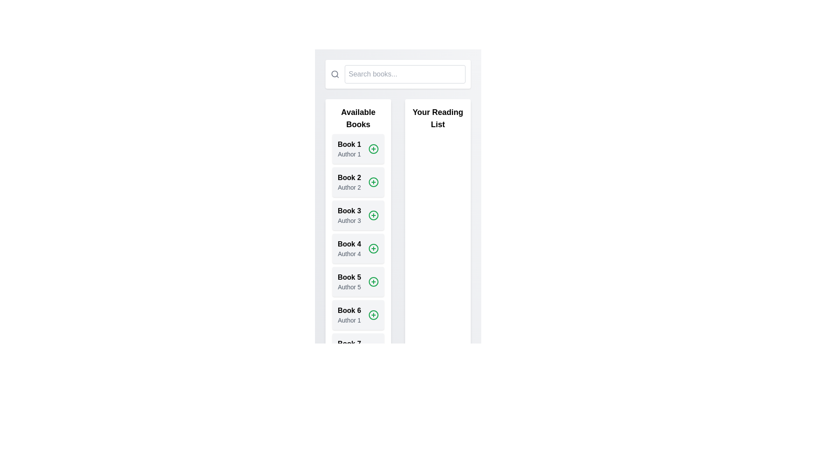 The height and width of the screenshot is (472, 840). Describe the element at coordinates (374, 148) in the screenshot. I see `the circular button with a green border and a plus symbol at its center, located next to the text area displaying 'Book 1' and 'Author 1'` at that location.